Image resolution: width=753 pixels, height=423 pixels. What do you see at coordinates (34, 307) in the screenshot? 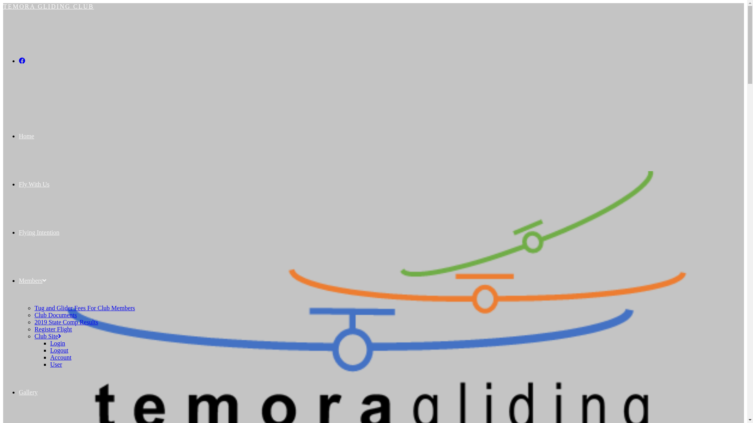
I see `'Tug and Glider Fees For Club Members'` at bounding box center [34, 307].